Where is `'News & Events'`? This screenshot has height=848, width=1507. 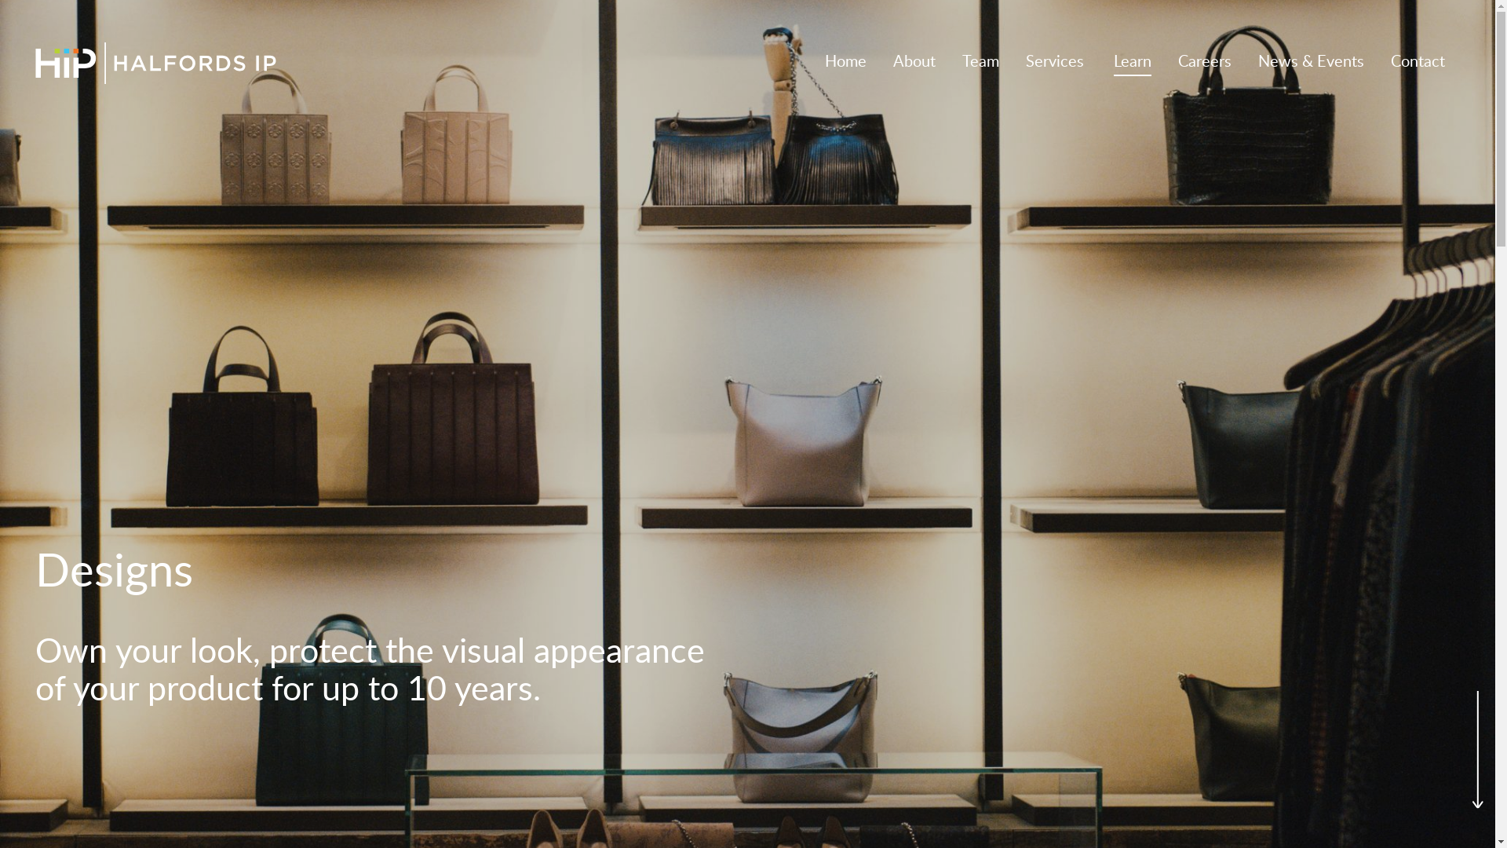
'News & Events' is located at coordinates (1311, 62).